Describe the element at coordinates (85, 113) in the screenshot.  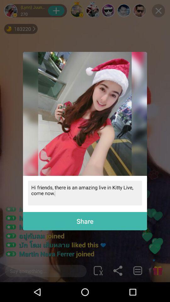
I see `join live stream` at that location.